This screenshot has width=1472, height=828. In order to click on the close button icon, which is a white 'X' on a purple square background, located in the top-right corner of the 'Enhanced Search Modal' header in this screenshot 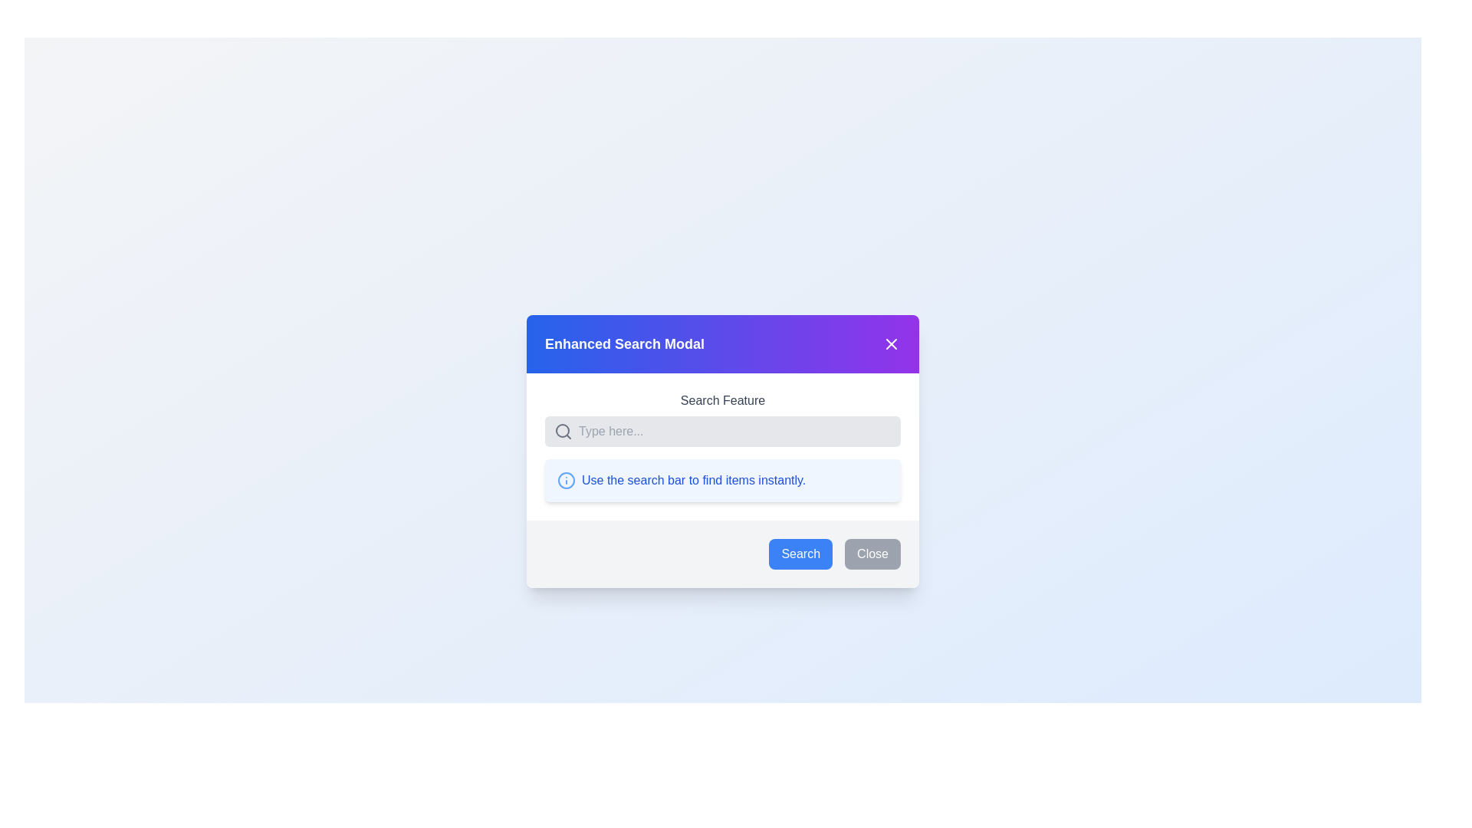, I will do `click(891, 343)`.